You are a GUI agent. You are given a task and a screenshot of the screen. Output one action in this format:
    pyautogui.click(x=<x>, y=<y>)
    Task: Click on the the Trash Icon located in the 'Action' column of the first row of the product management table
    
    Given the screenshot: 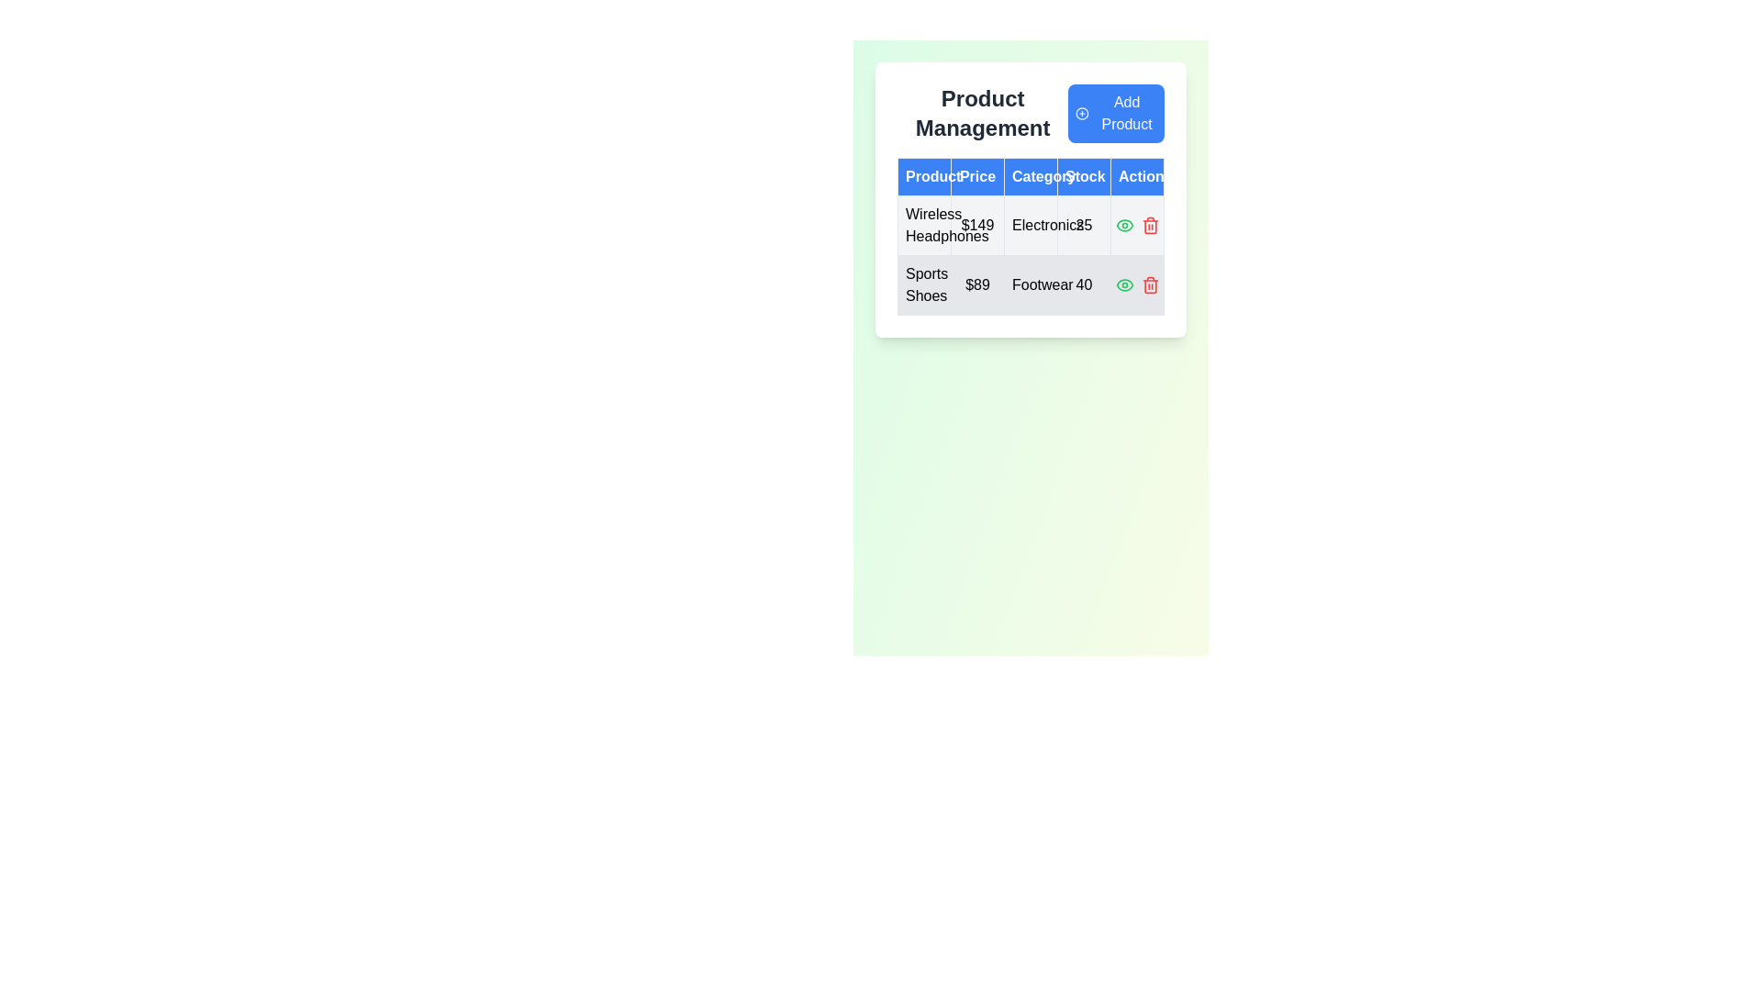 What is the action you would take?
    pyautogui.click(x=1149, y=225)
    